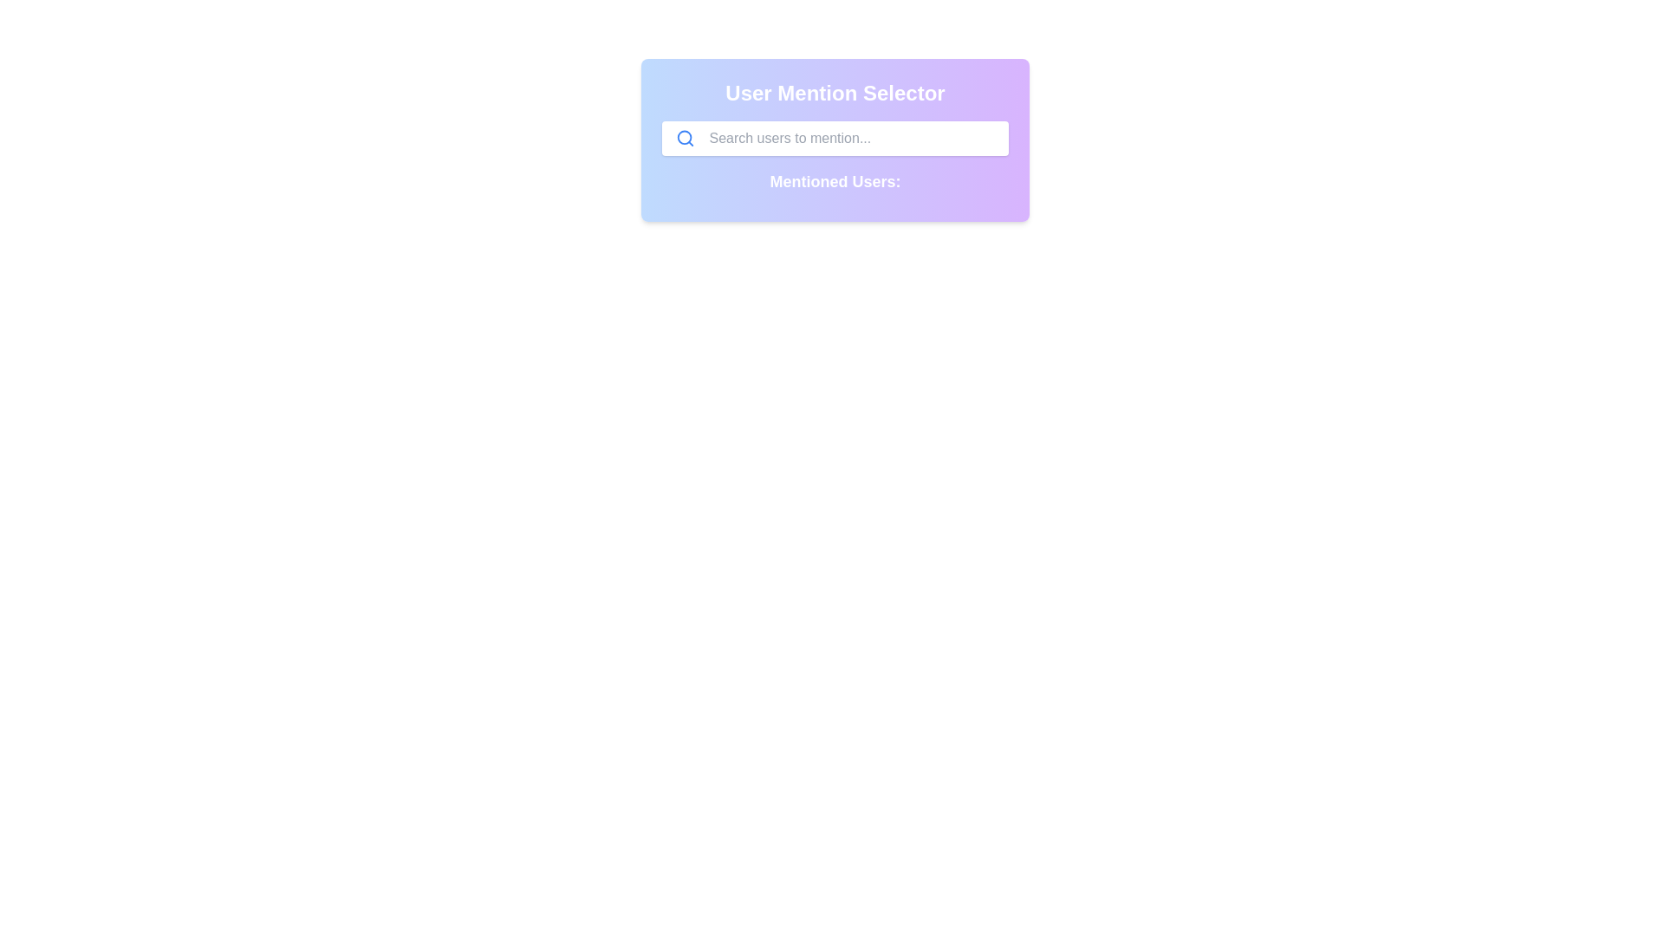 Image resolution: width=1664 pixels, height=936 pixels. What do you see at coordinates (844, 137) in the screenshot?
I see `the text input field with a gray placeholder 'Search users to mention...' to focus it` at bounding box center [844, 137].